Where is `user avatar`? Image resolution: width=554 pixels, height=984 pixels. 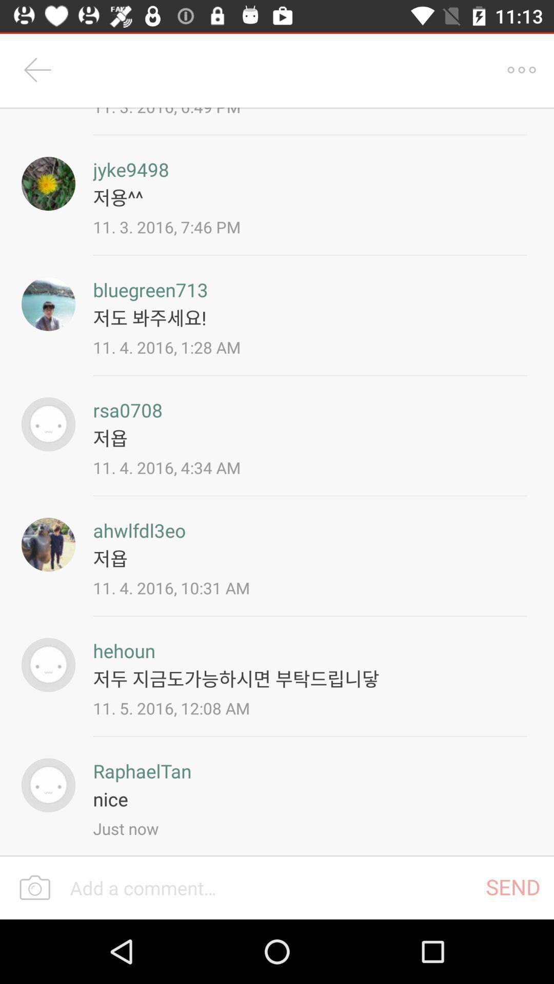 user avatar is located at coordinates (48, 183).